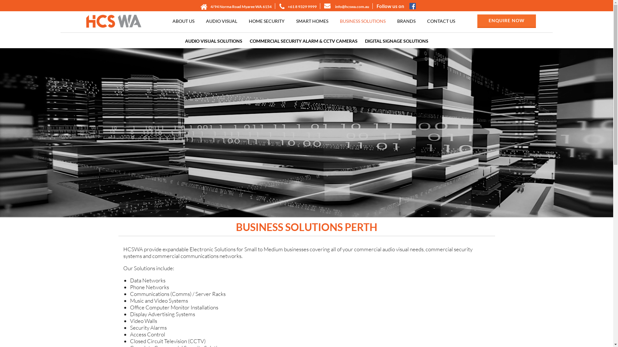 This screenshot has width=618, height=347. What do you see at coordinates (240, 6) in the screenshot?
I see `'4/94 Norma Road Myaree WA 6154'` at bounding box center [240, 6].